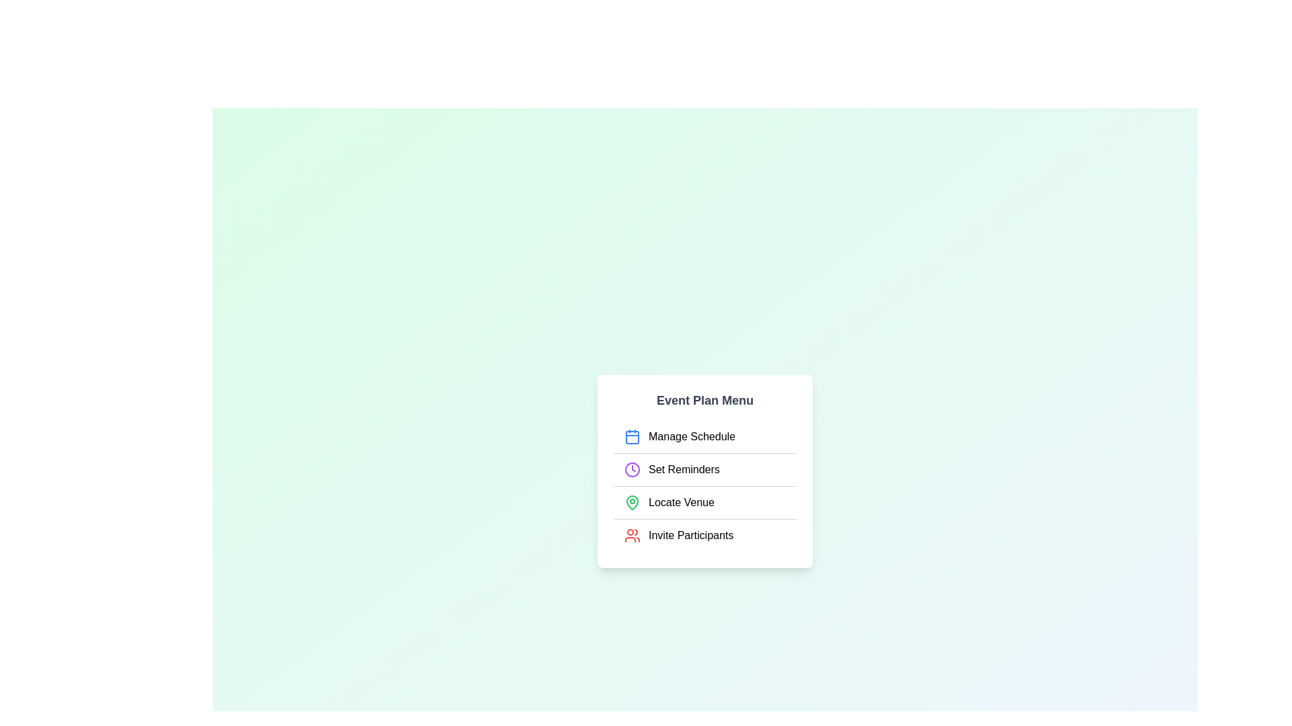 The height and width of the screenshot is (726, 1292). Describe the element at coordinates (704, 436) in the screenshot. I see `the menu item Manage Schedule to highlight it` at that location.